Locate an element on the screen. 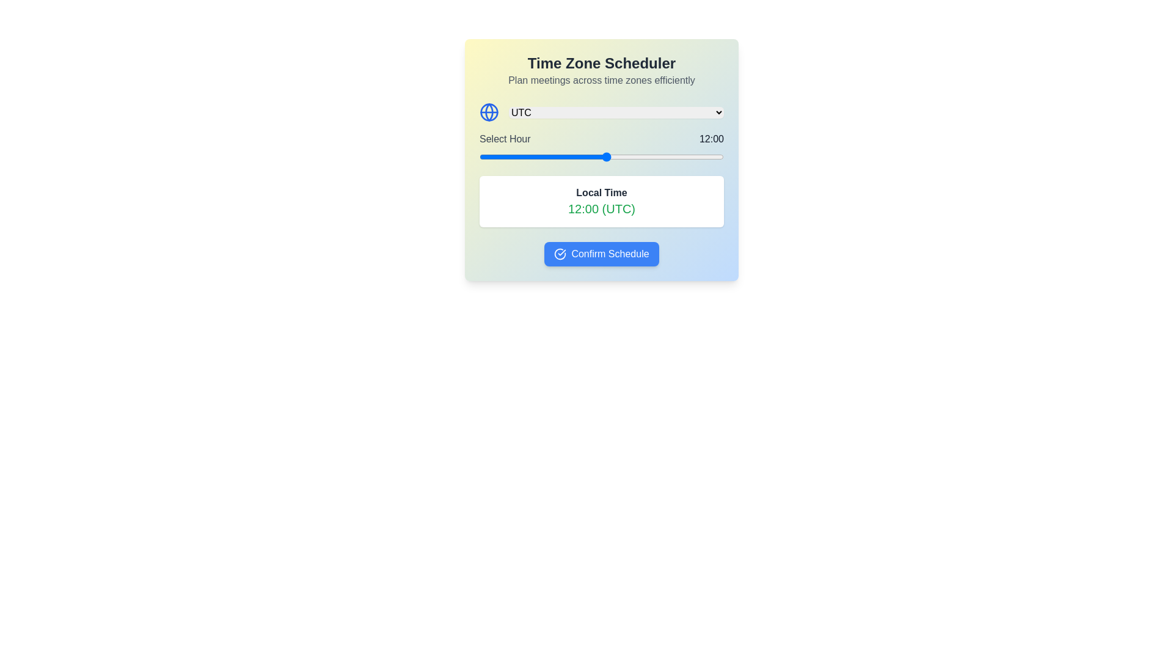  the circular icon with a blue outline located to the left of the 'UTC' dropdown menu in the header section is located at coordinates (489, 112).